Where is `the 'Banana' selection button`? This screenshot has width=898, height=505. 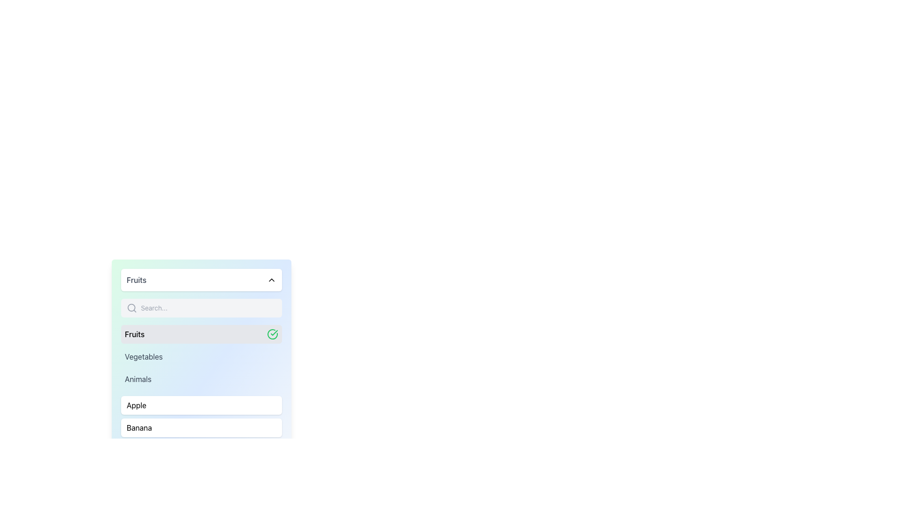
the 'Banana' selection button is located at coordinates (201, 427).